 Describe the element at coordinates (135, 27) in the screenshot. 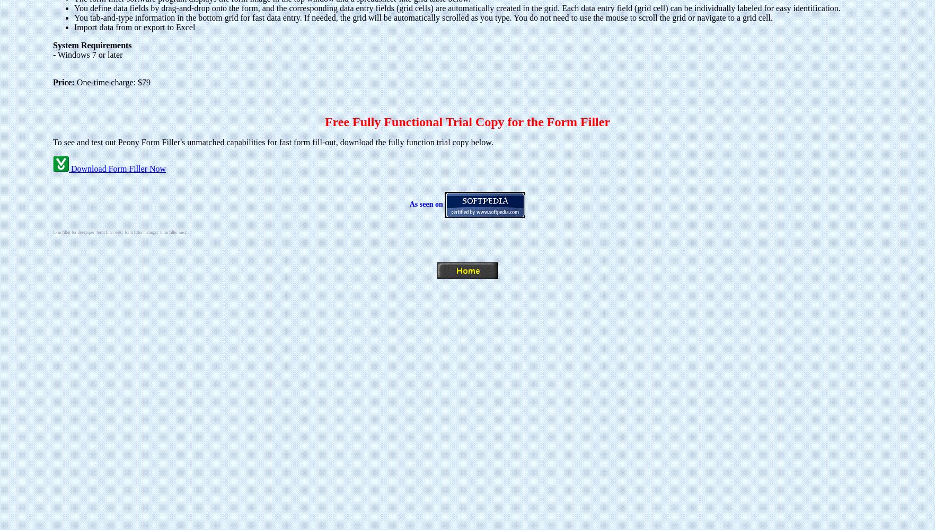

I see `'Import data from or export to Excel'` at that location.